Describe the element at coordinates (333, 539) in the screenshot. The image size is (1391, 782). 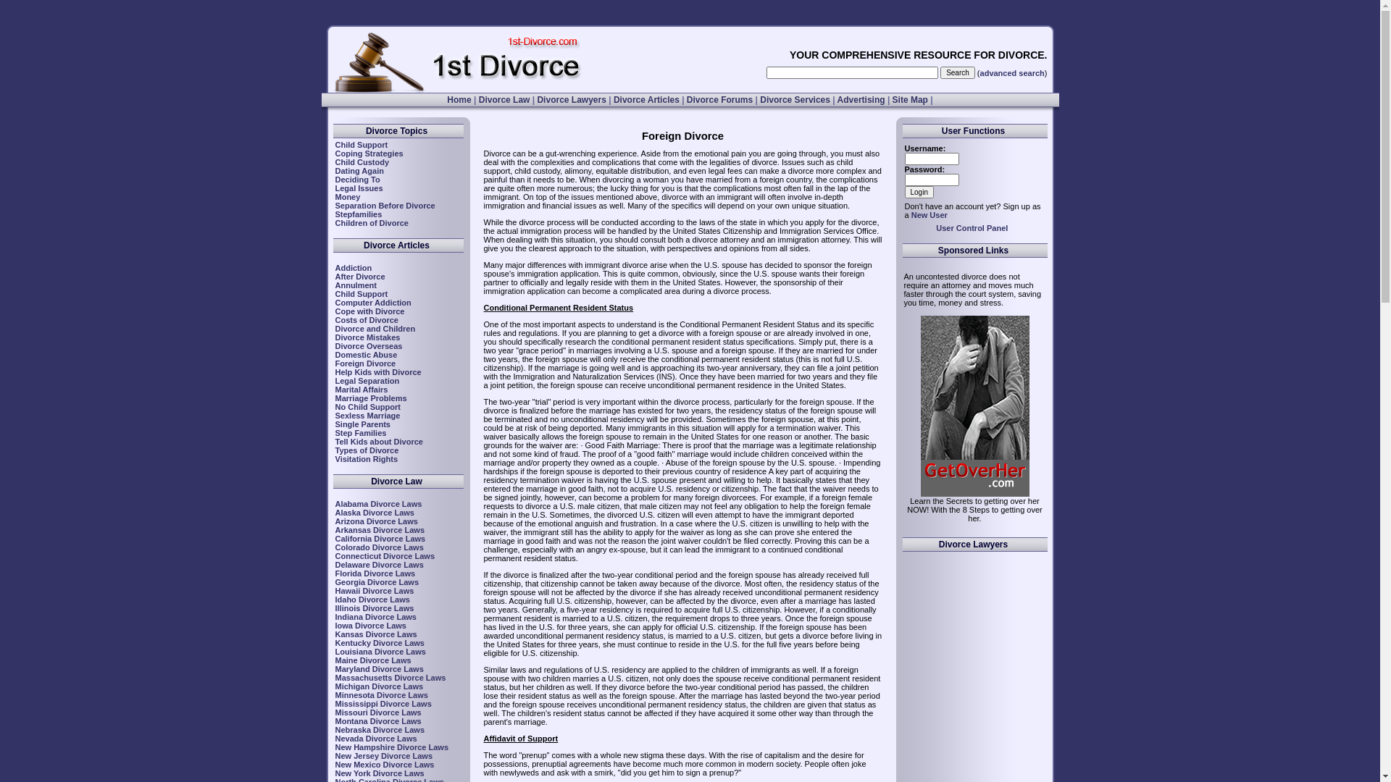
I see `'California Divorce Laws'` at that location.